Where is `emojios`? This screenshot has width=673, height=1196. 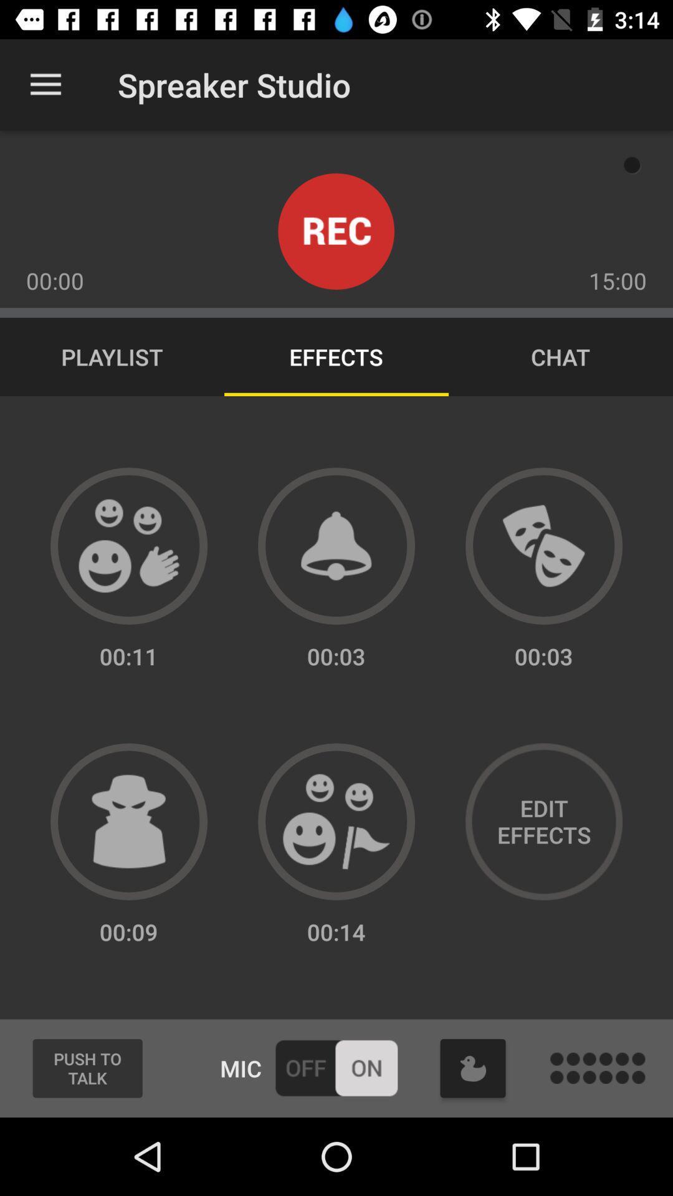 emojios is located at coordinates (129, 546).